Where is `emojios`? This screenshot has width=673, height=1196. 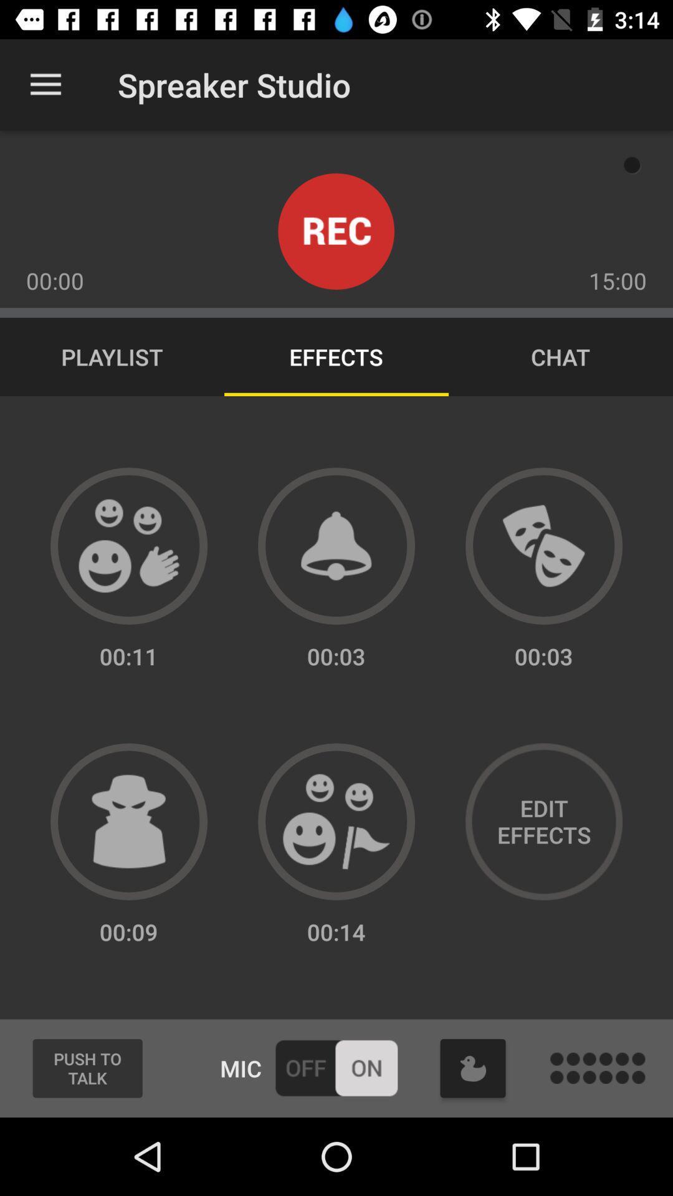 emojios is located at coordinates (129, 546).